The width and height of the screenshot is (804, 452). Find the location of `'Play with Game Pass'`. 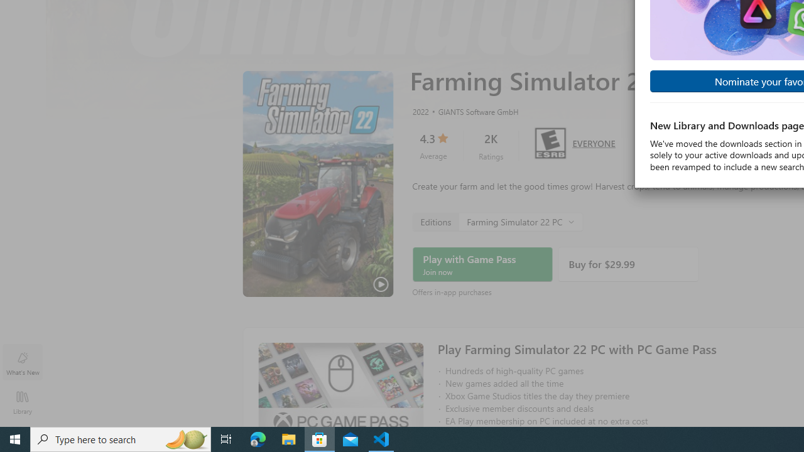

'Play with Game Pass' is located at coordinates (482, 264).